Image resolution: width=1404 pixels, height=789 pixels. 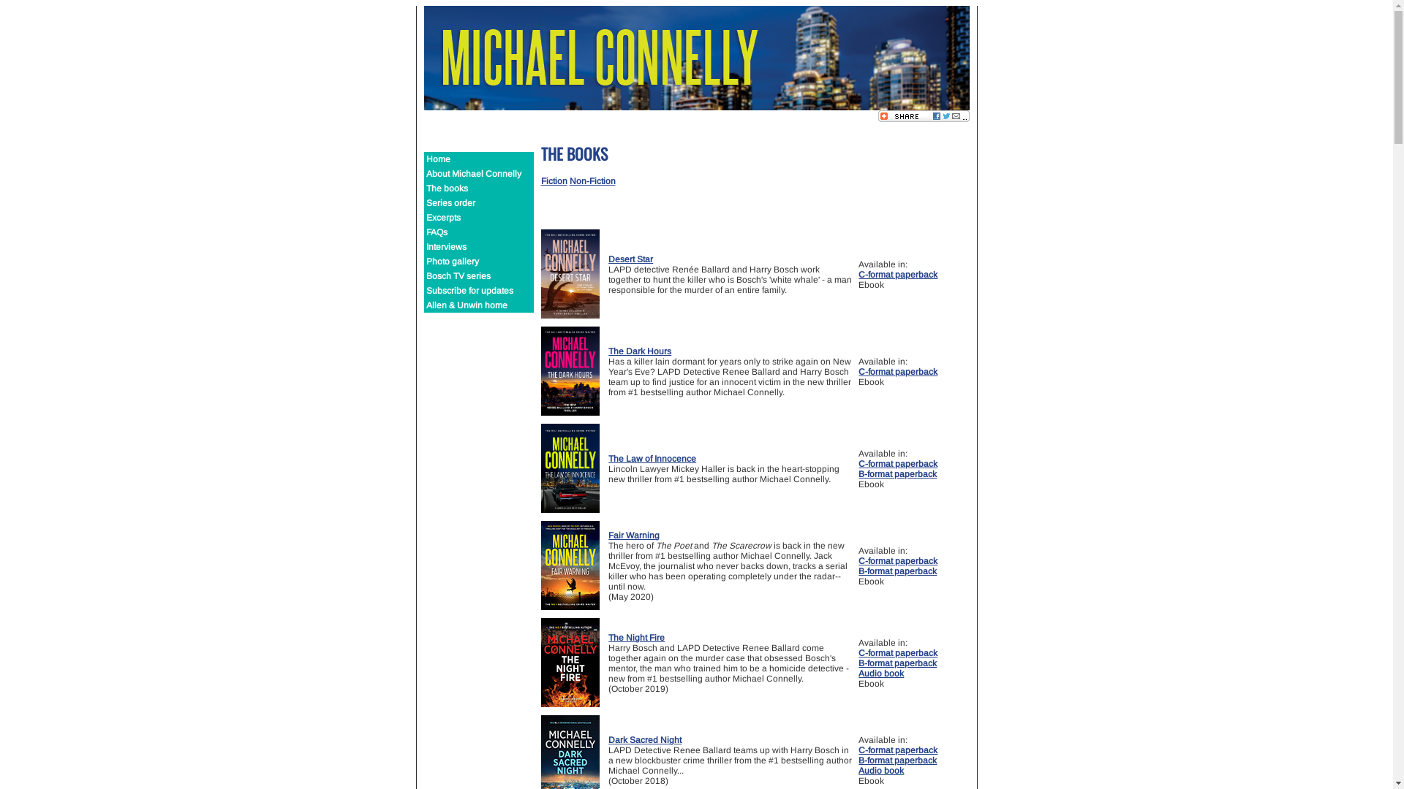 What do you see at coordinates (478, 159) in the screenshot?
I see `'Home'` at bounding box center [478, 159].